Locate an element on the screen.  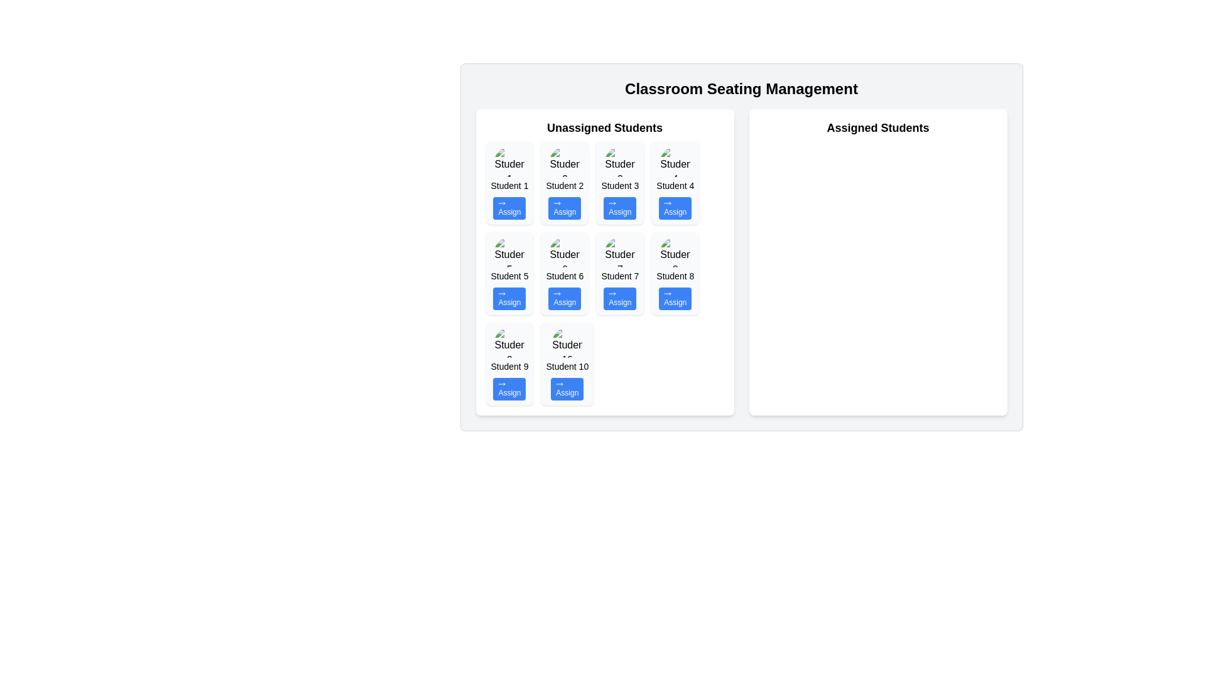
the 'Assign' button located in the bottom right corner of the card representing 'Student 8' to assign the student to a specific group or task is located at coordinates (675, 298).